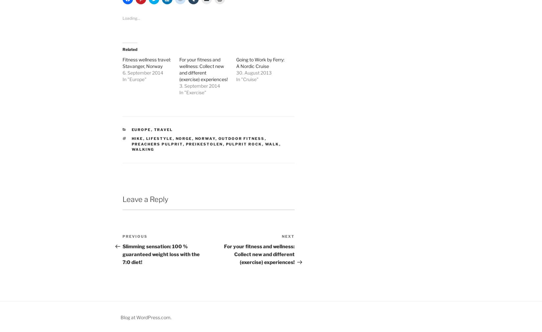  What do you see at coordinates (183, 138) in the screenshot?
I see `'Norge'` at bounding box center [183, 138].